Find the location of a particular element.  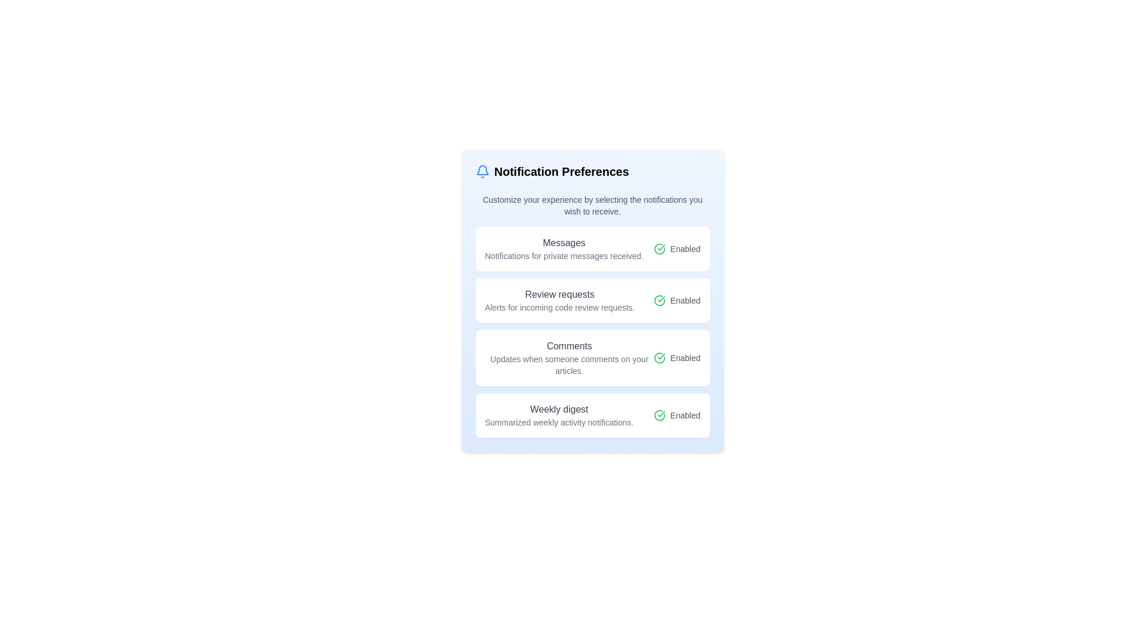

the notification preferences by clicking on the Settings panel, which features a gradient blue background, rounded corners, and toggle indicators on the right is located at coordinates (592, 300).